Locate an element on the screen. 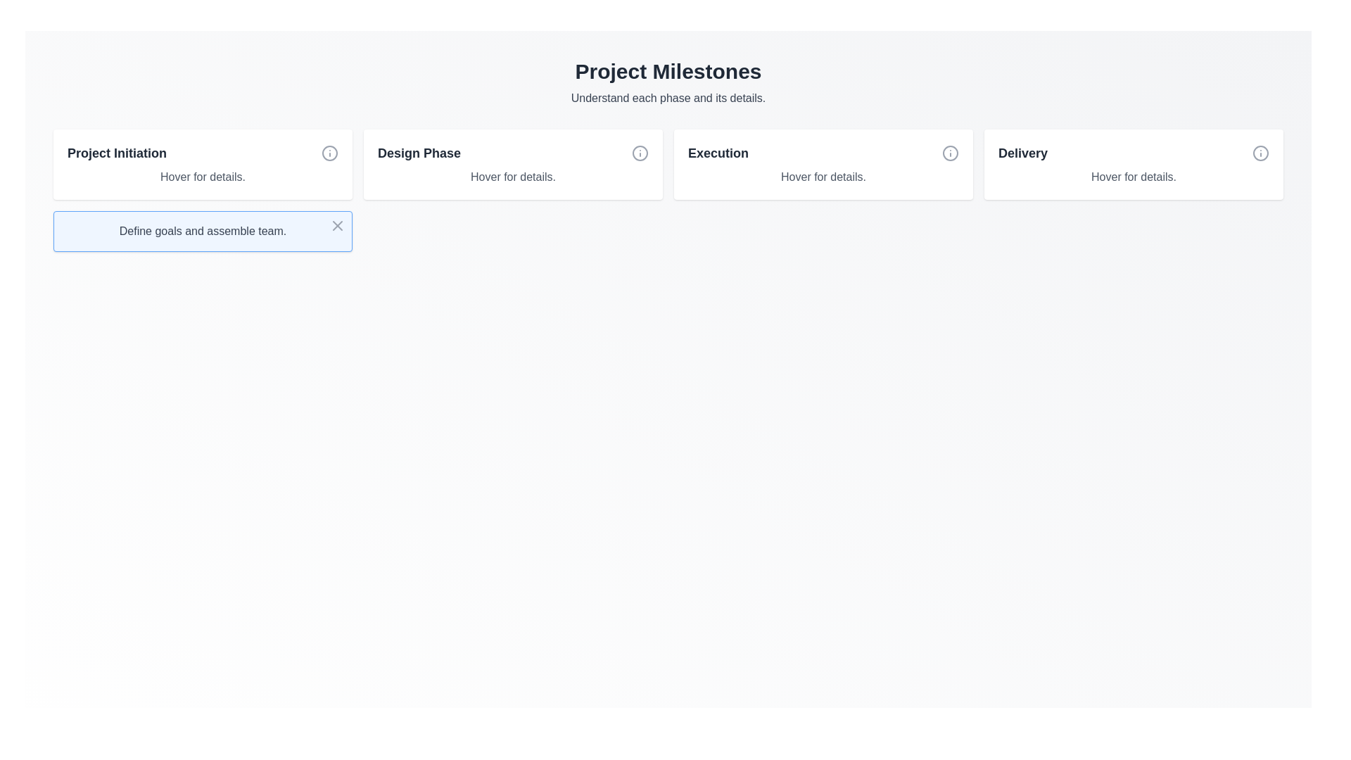 This screenshot has width=1351, height=760. the text label displaying 'Hover for details.' which is located below the title 'Execution' in the interface is located at coordinates (823, 176).